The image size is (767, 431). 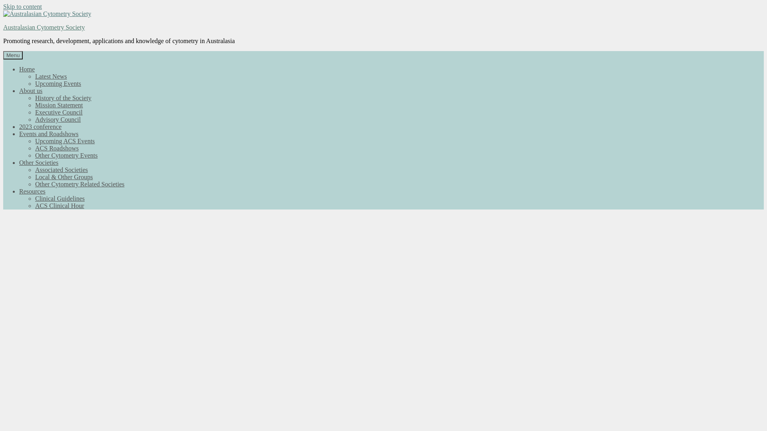 What do you see at coordinates (63, 176) in the screenshot?
I see `'Local & Other Groups'` at bounding box center [63, 176].